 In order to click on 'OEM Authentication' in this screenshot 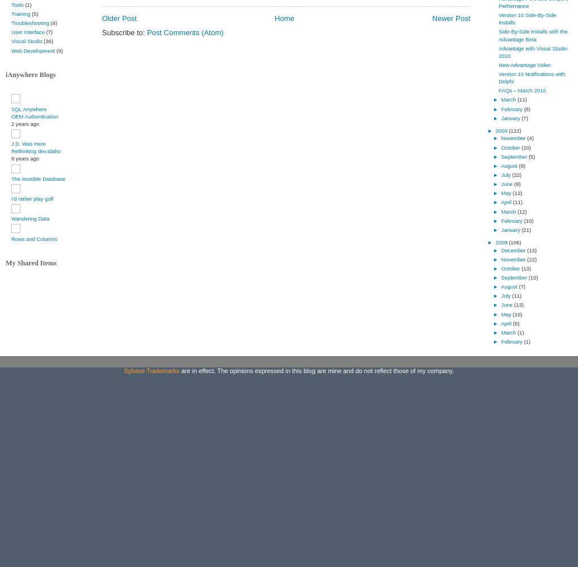, I will do `click(34, 115)`.